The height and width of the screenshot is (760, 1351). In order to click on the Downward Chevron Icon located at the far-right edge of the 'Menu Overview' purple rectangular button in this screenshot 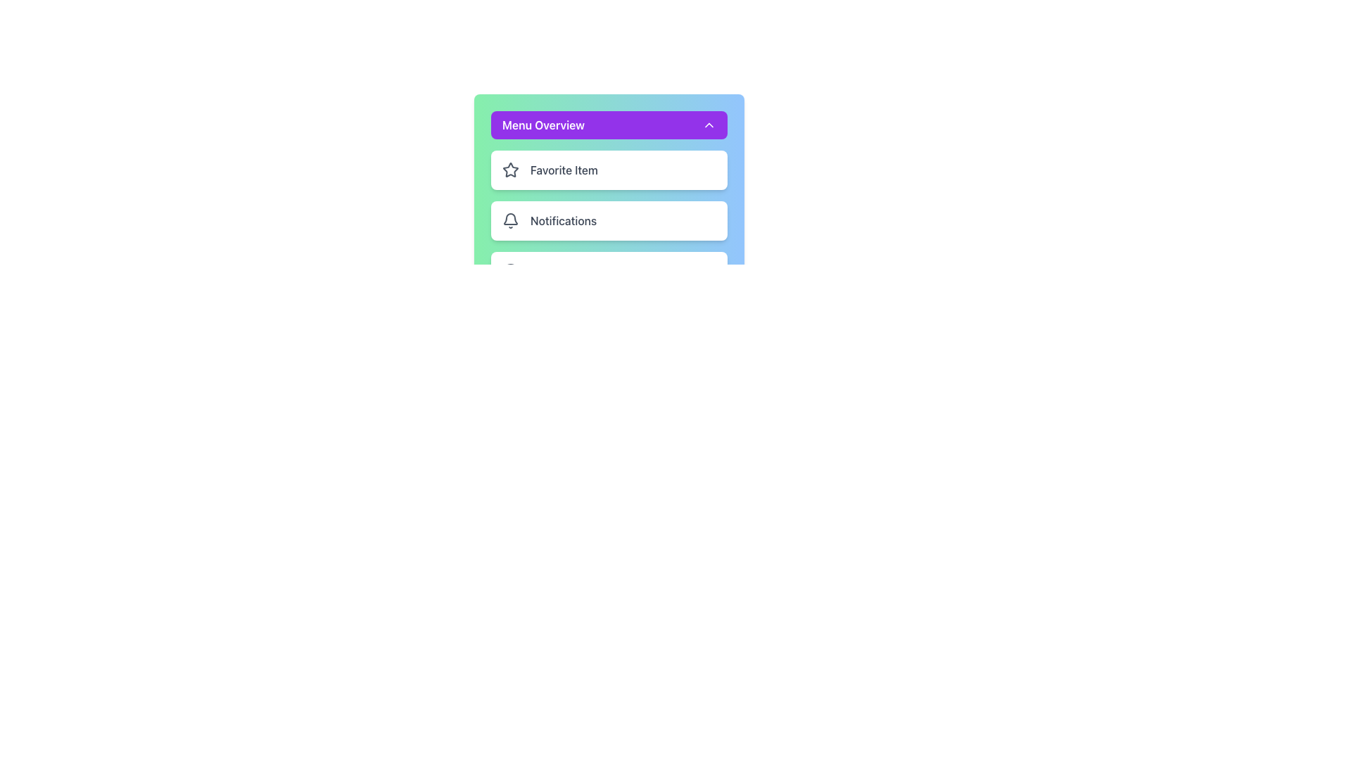, I will do `click(709, 124)`.